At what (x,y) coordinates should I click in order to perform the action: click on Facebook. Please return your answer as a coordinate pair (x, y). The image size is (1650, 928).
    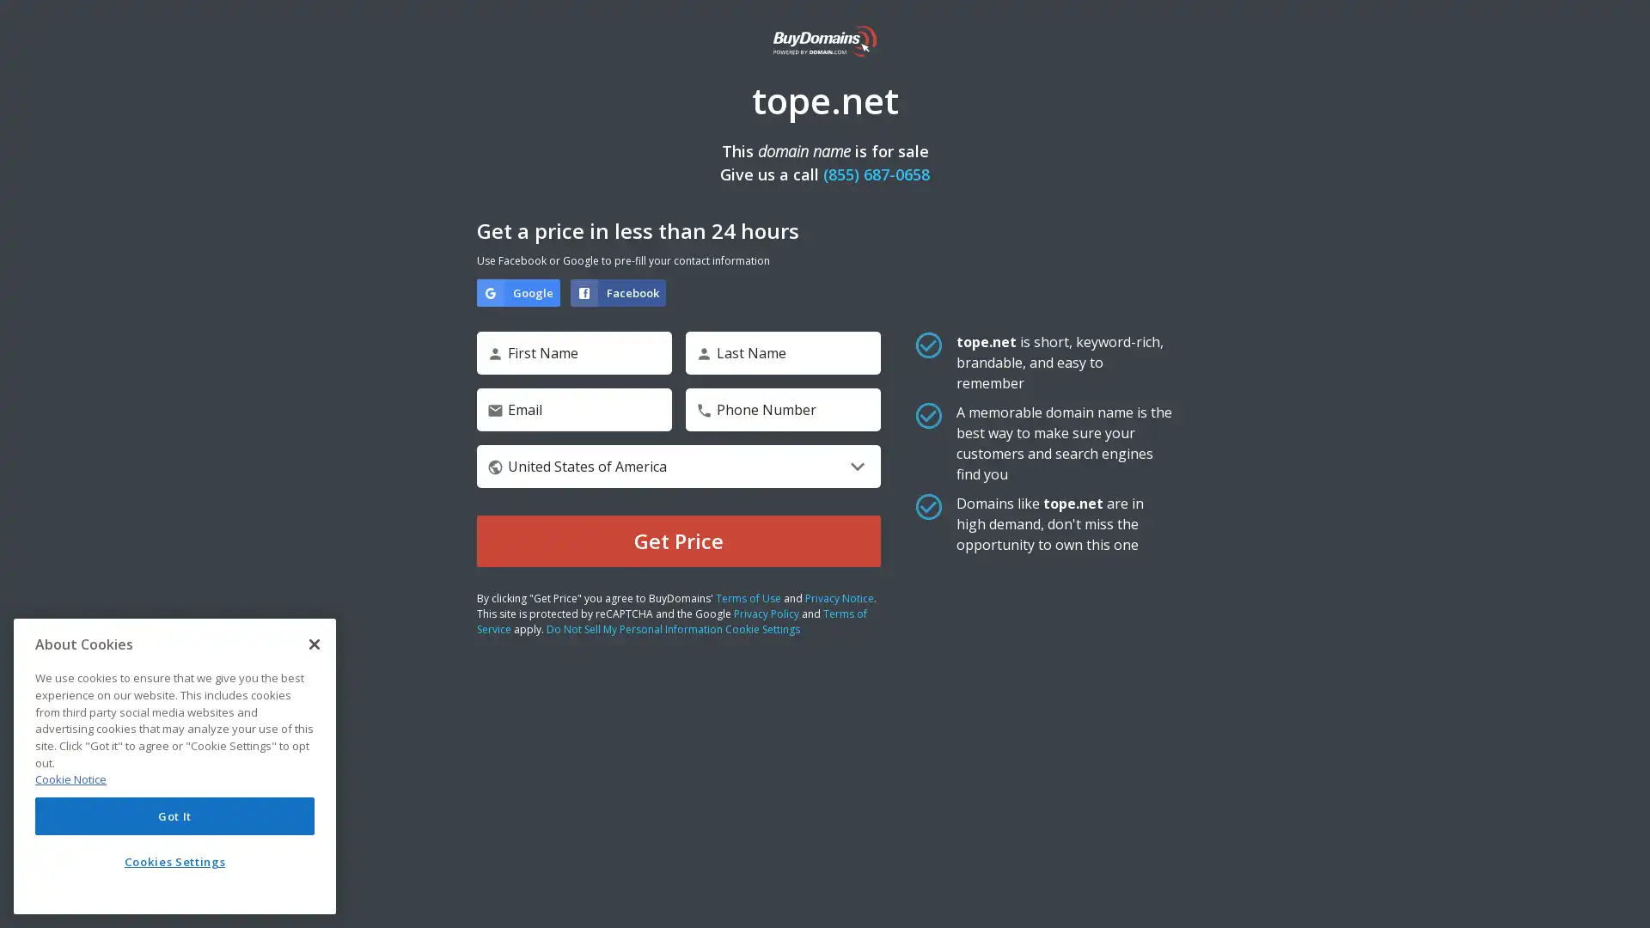
    Looking at the image, I should click on (618, 291).